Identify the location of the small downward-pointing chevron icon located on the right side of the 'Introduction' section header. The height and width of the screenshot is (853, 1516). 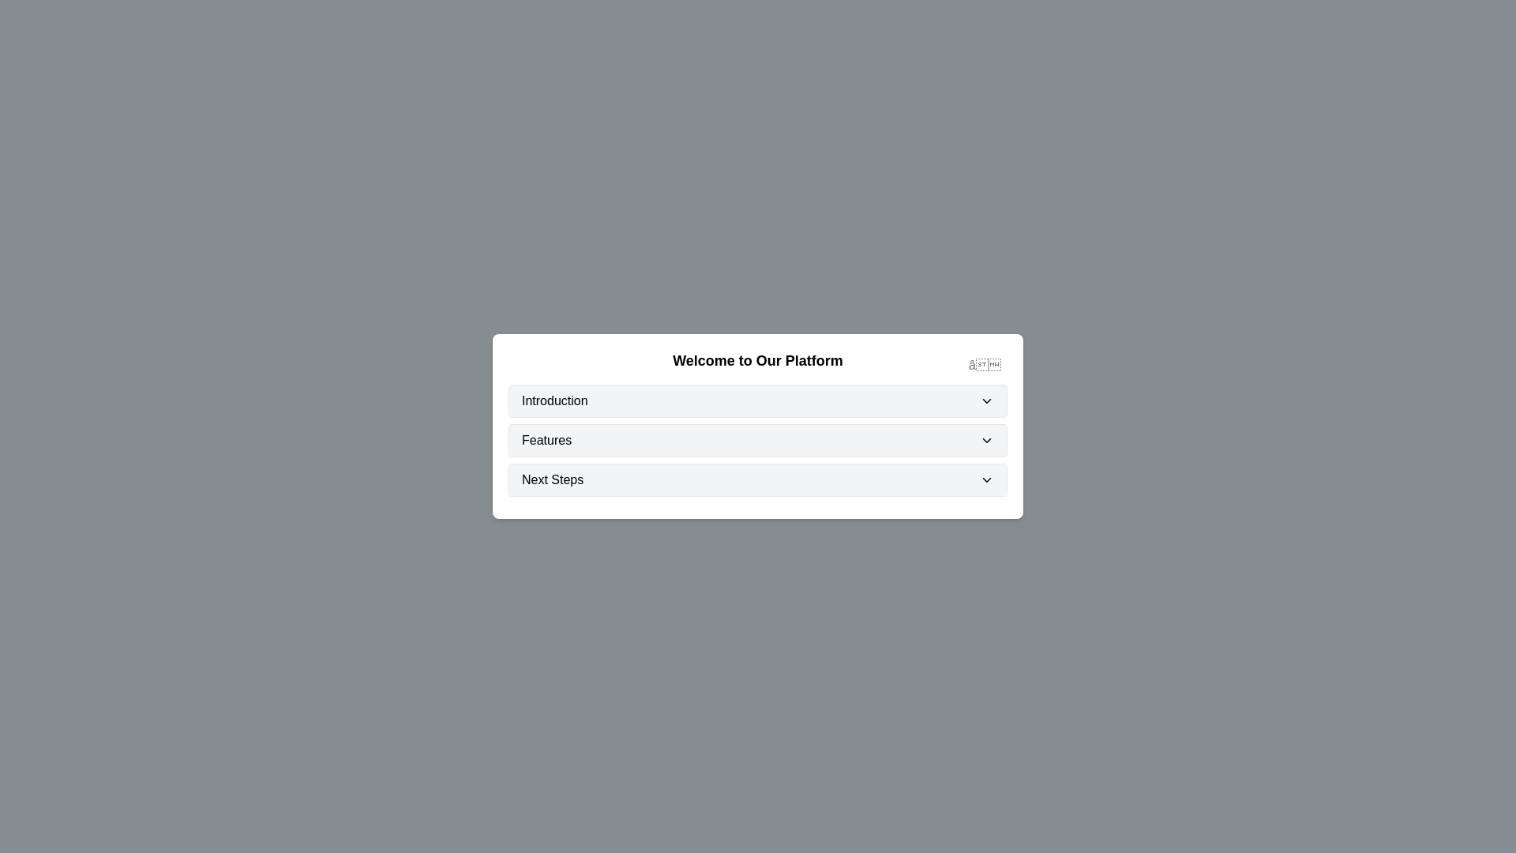
(985, 400).